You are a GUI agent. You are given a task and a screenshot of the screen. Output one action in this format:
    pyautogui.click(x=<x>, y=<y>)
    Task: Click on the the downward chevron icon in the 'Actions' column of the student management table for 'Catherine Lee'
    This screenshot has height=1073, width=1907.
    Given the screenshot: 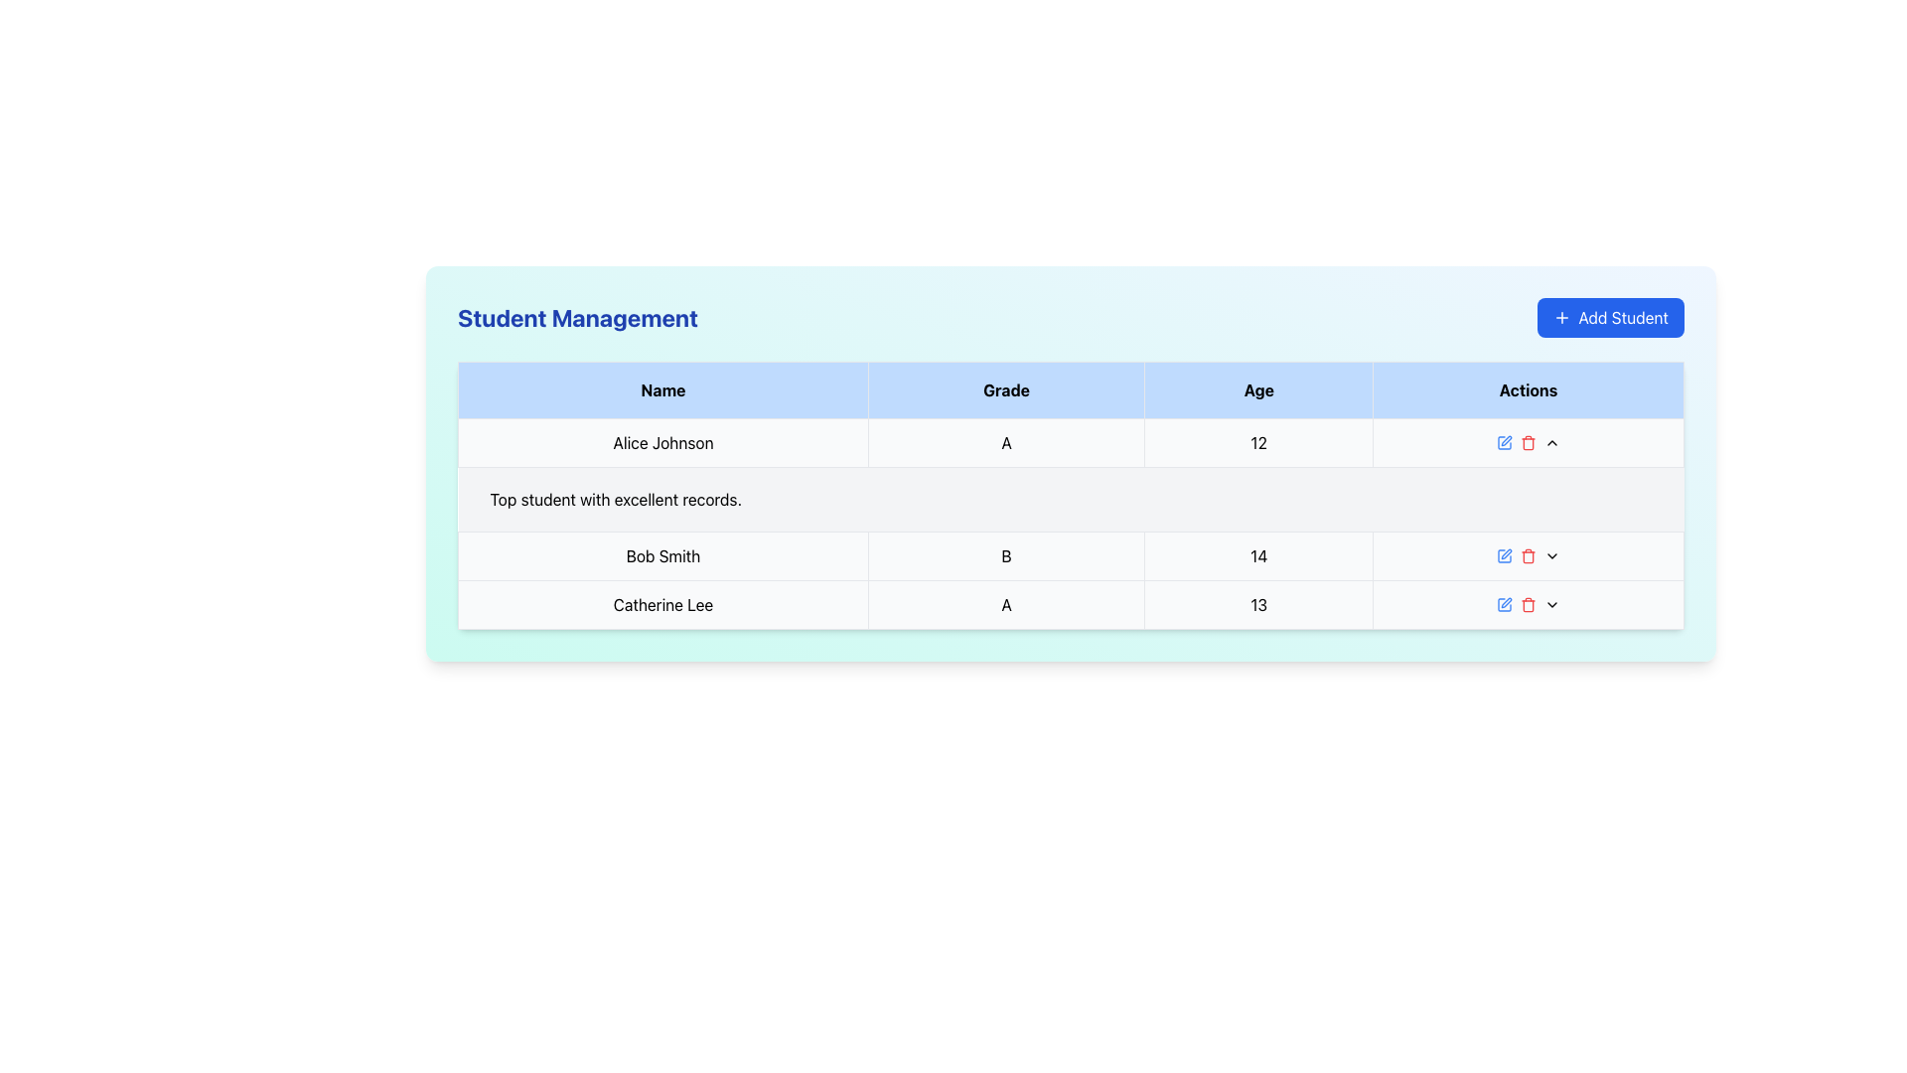 What is the action you would take?
    pyautogui.click(x=1551, y=604)
    